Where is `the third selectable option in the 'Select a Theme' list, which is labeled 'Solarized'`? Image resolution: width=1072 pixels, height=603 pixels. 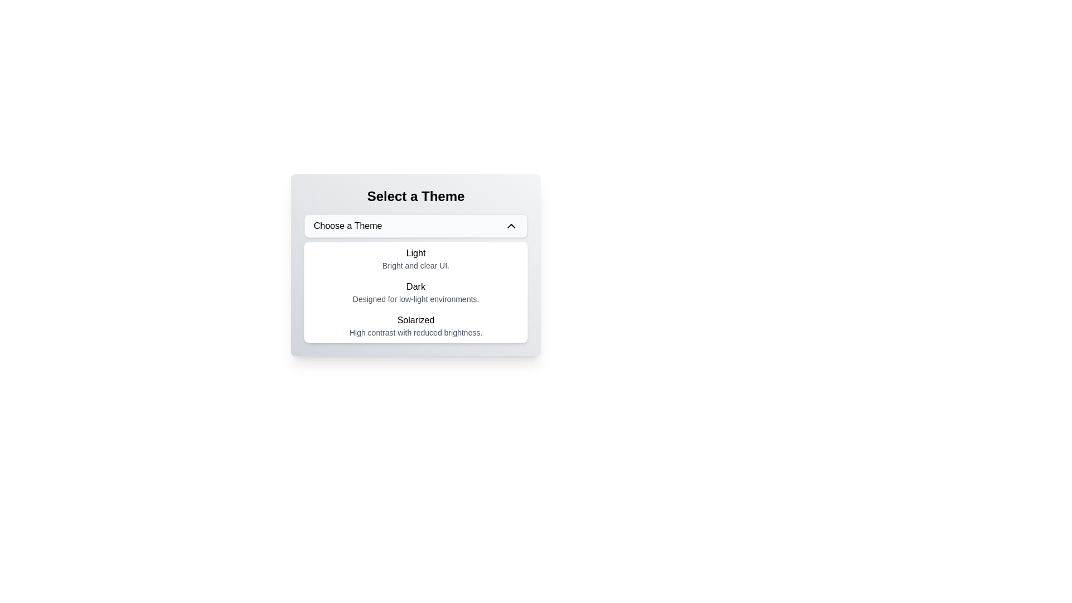
the third selectable option in the 'Select a Theme' list, which is labeled 'Solarized' is located at coordinates (415, 326).